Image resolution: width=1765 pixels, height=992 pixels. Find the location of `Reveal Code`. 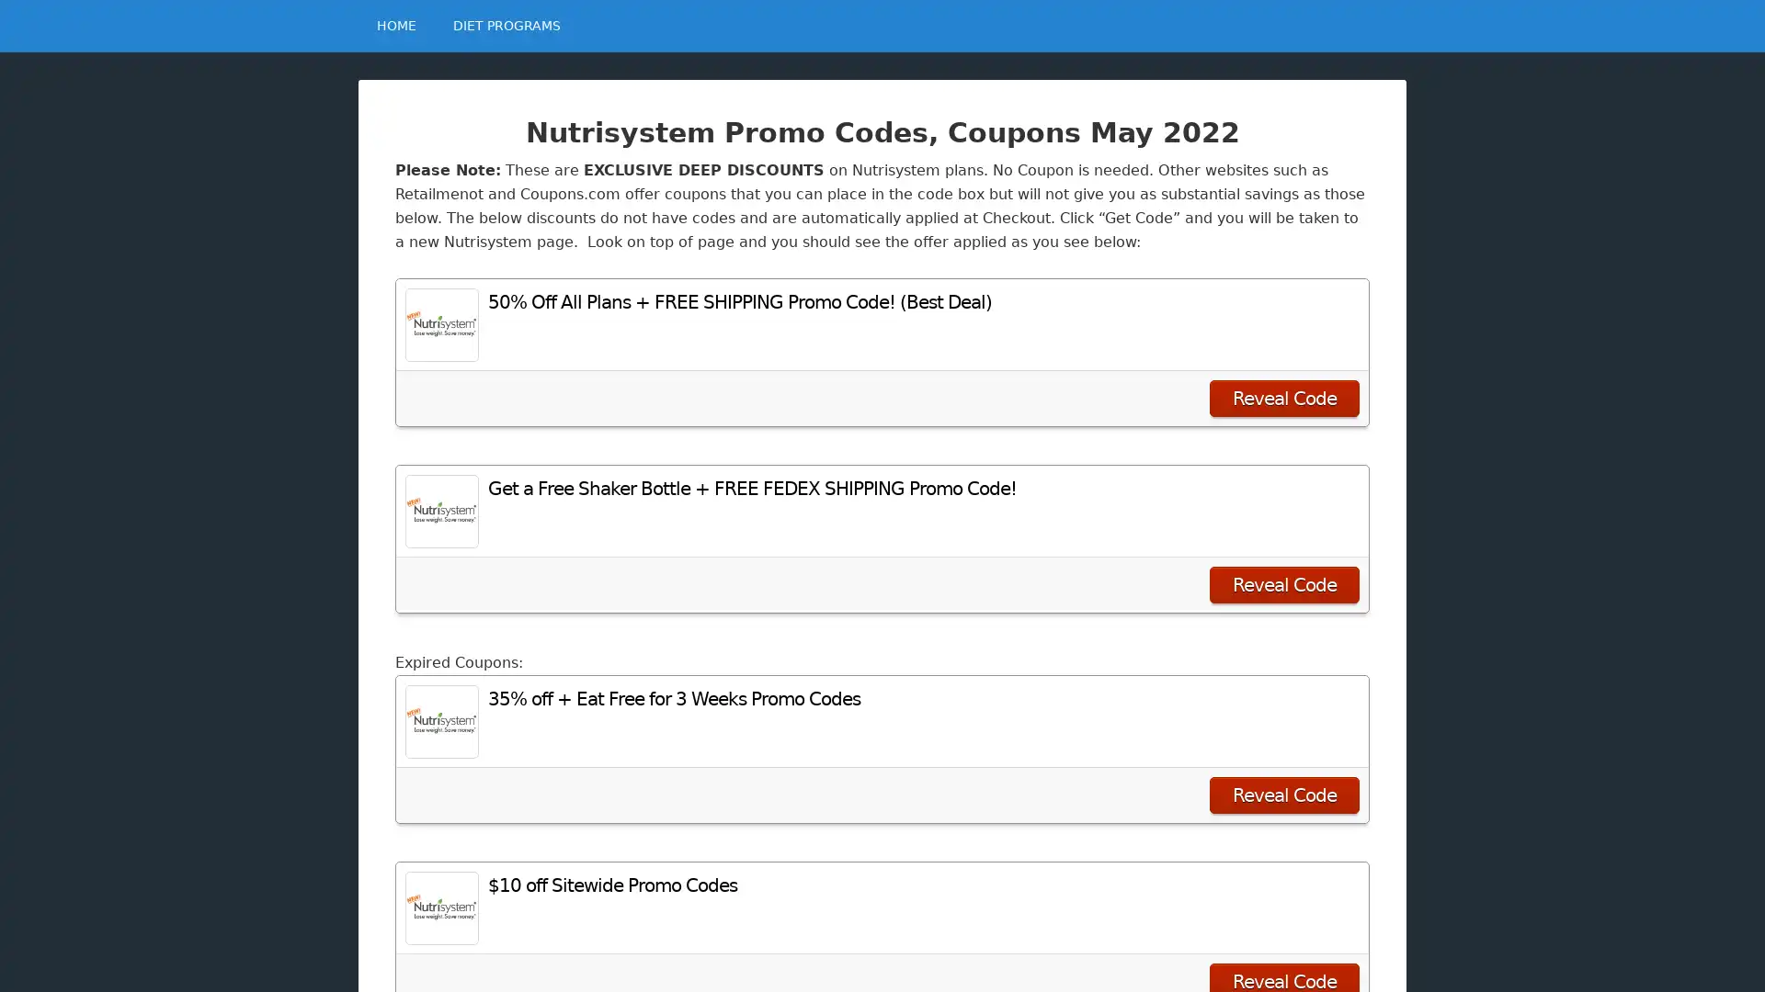

Reveal Code is located at coordinates (1283, 398).